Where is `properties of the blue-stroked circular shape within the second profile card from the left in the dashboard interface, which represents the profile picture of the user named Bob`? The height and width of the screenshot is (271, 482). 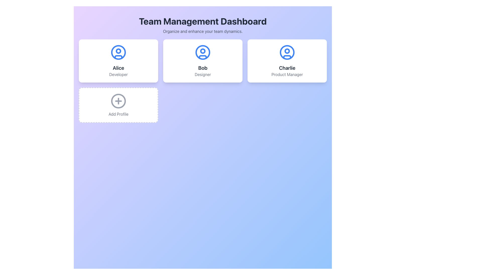 properties of the blue-stroked circular shape within the second profile card from the left in the dashboard interface, which represents the profile picture of the user named Bob is located at coordinates (203, 52).